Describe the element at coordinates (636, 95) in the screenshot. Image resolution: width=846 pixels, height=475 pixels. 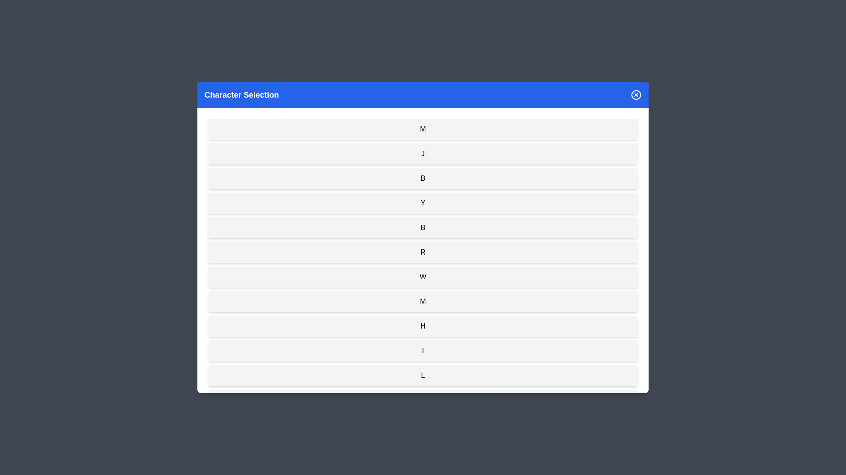
I see `close button to dismiss the dialog` at that location.